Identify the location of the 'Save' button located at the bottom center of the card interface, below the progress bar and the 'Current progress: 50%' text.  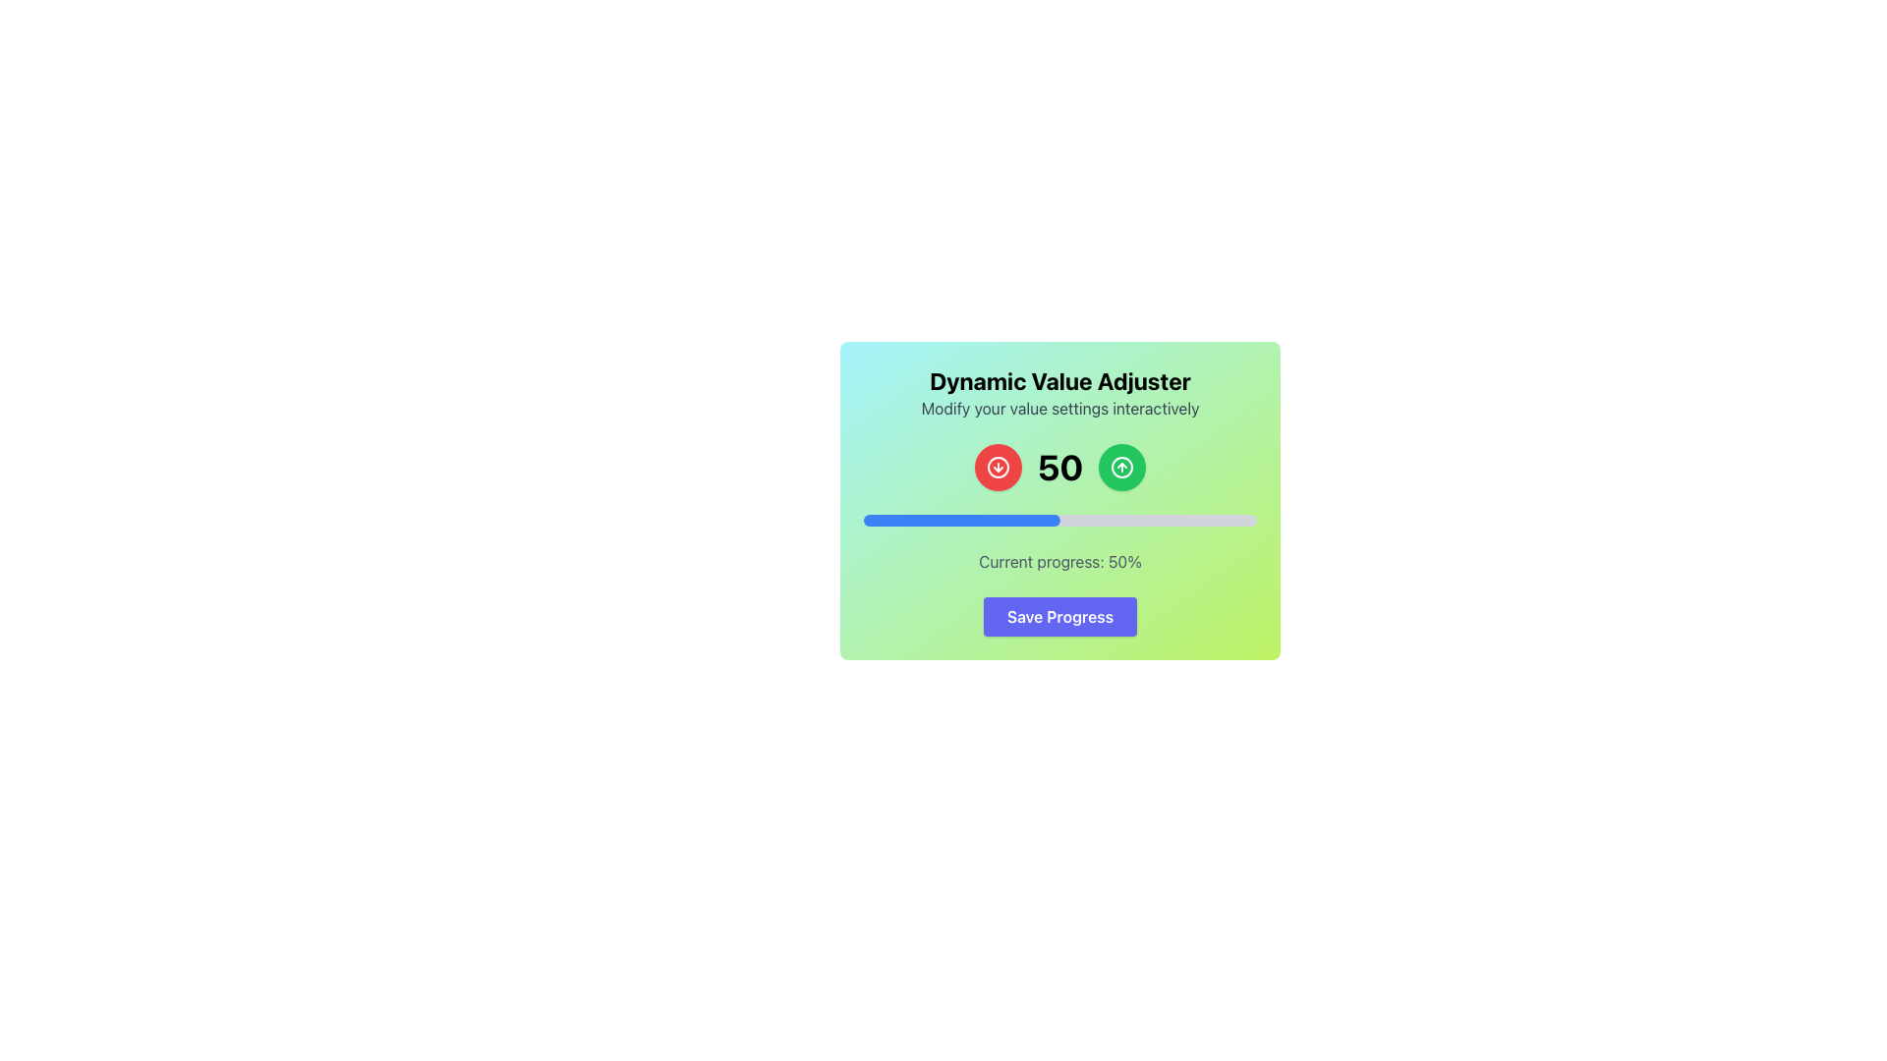
(1059, 616).